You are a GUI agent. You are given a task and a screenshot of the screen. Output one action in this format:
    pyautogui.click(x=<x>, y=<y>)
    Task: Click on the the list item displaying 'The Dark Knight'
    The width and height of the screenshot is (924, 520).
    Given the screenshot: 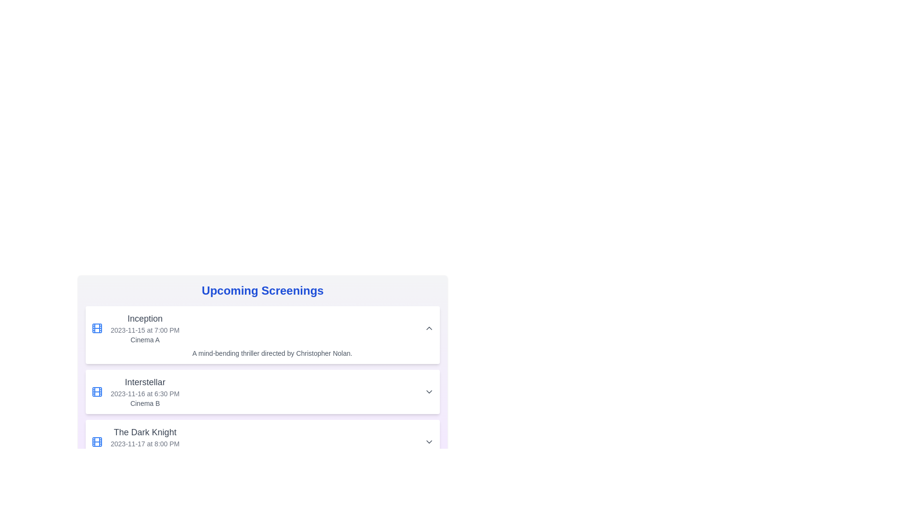 What is the action you would take?
    pyautogui.click(x=263, y=442)
    